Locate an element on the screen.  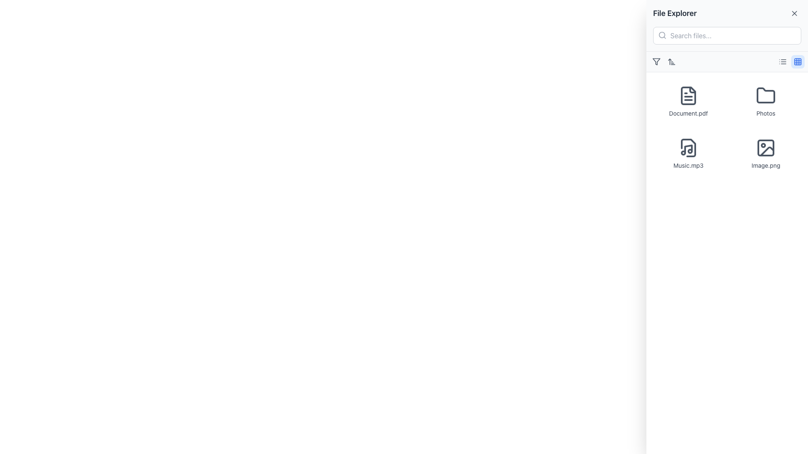
the third file item widget representing 'Music.mp3' is located at coordinates (688, 154).